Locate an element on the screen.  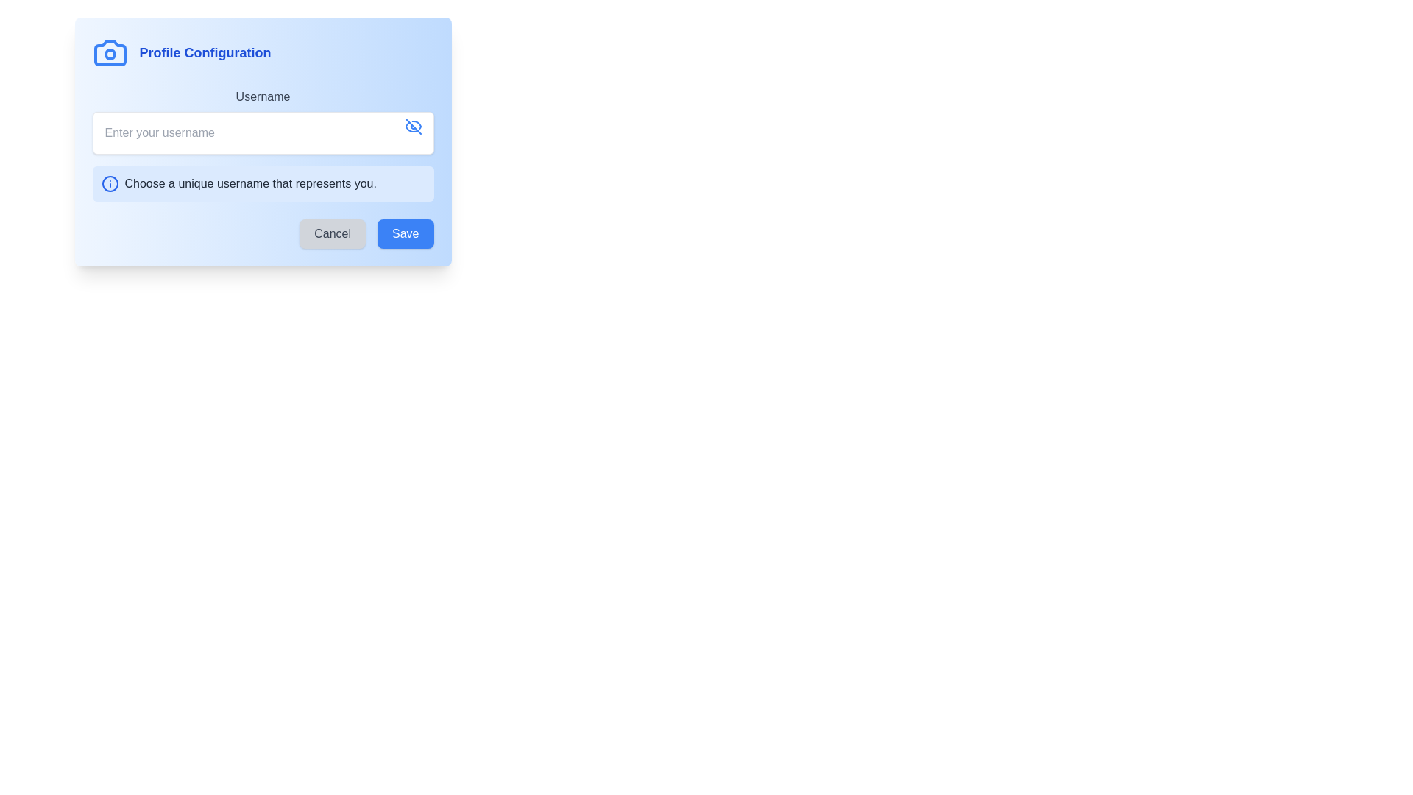
the text label displaying 'Choose a unique username that represents you.' to interact with nearby elements is located at coordinates (250, 183).